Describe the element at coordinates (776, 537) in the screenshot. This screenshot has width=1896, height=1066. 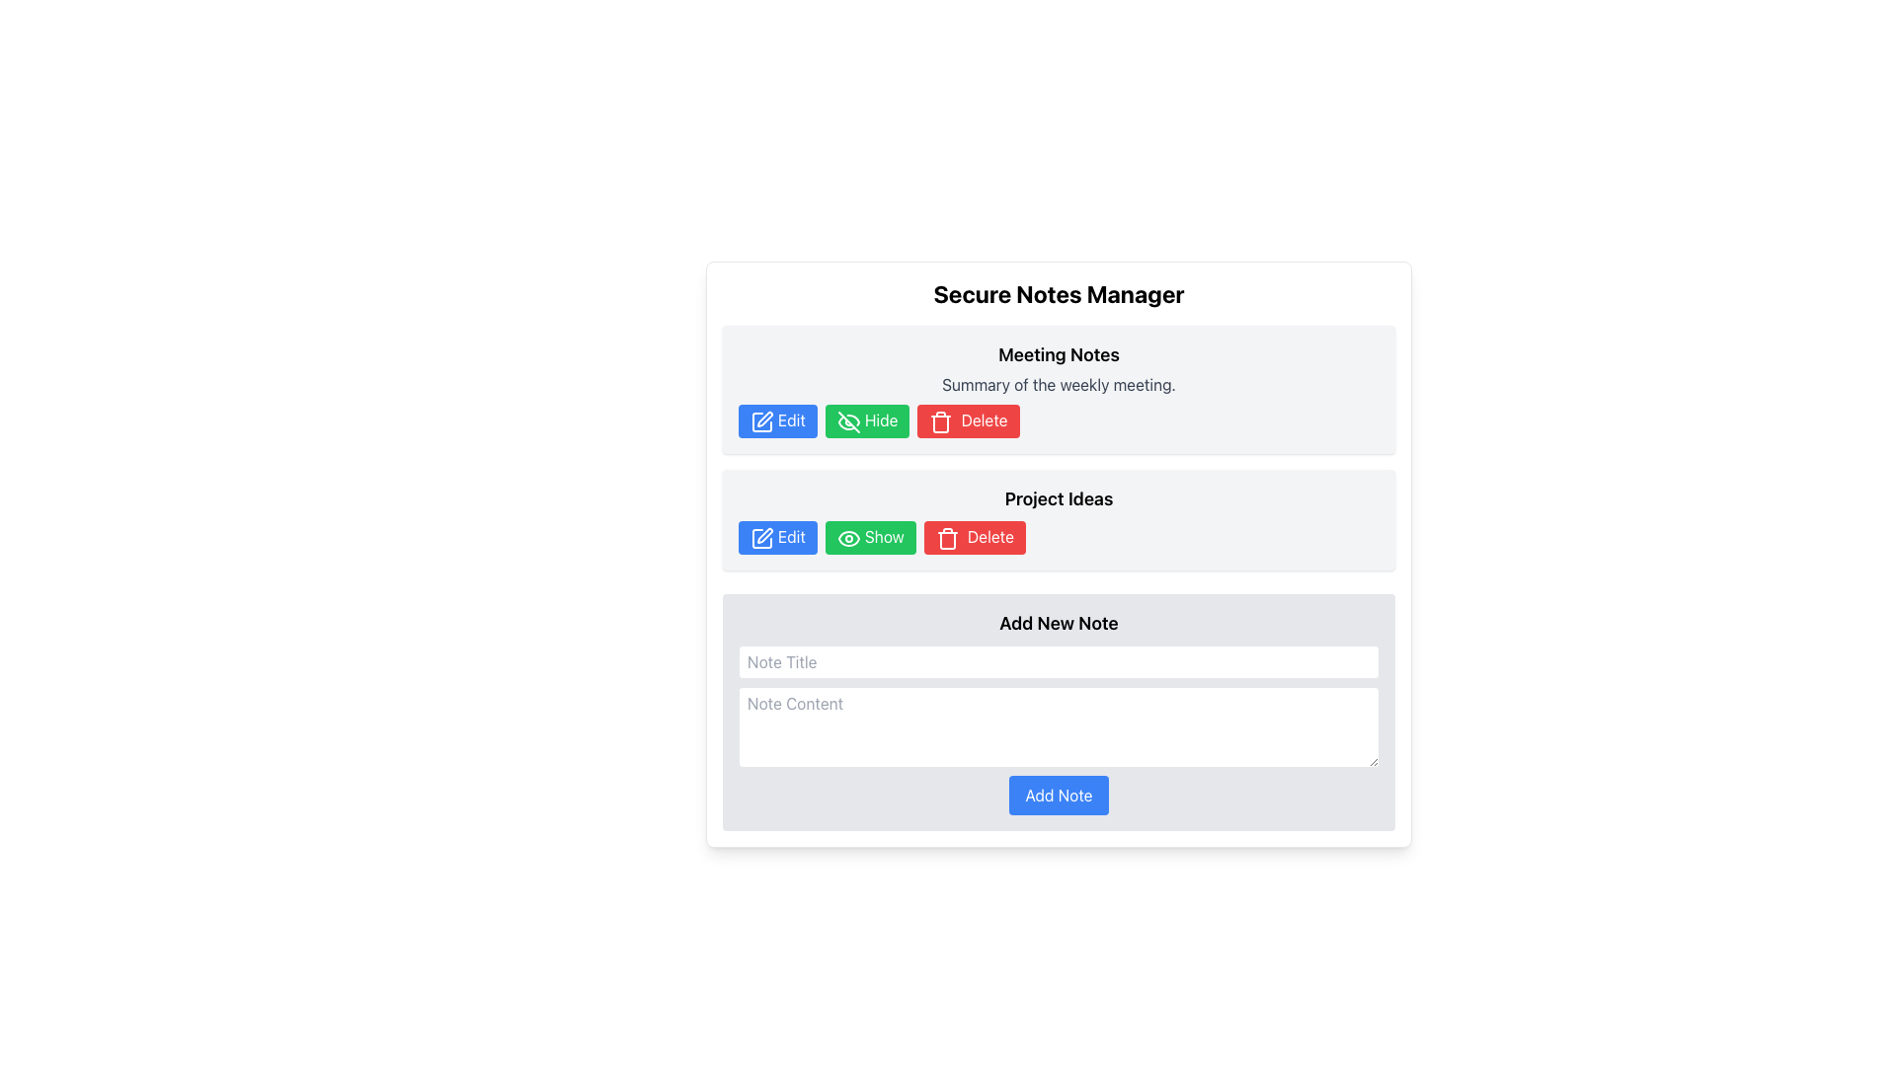
I see `the first button in the 'Project Ideas' section` at that location.